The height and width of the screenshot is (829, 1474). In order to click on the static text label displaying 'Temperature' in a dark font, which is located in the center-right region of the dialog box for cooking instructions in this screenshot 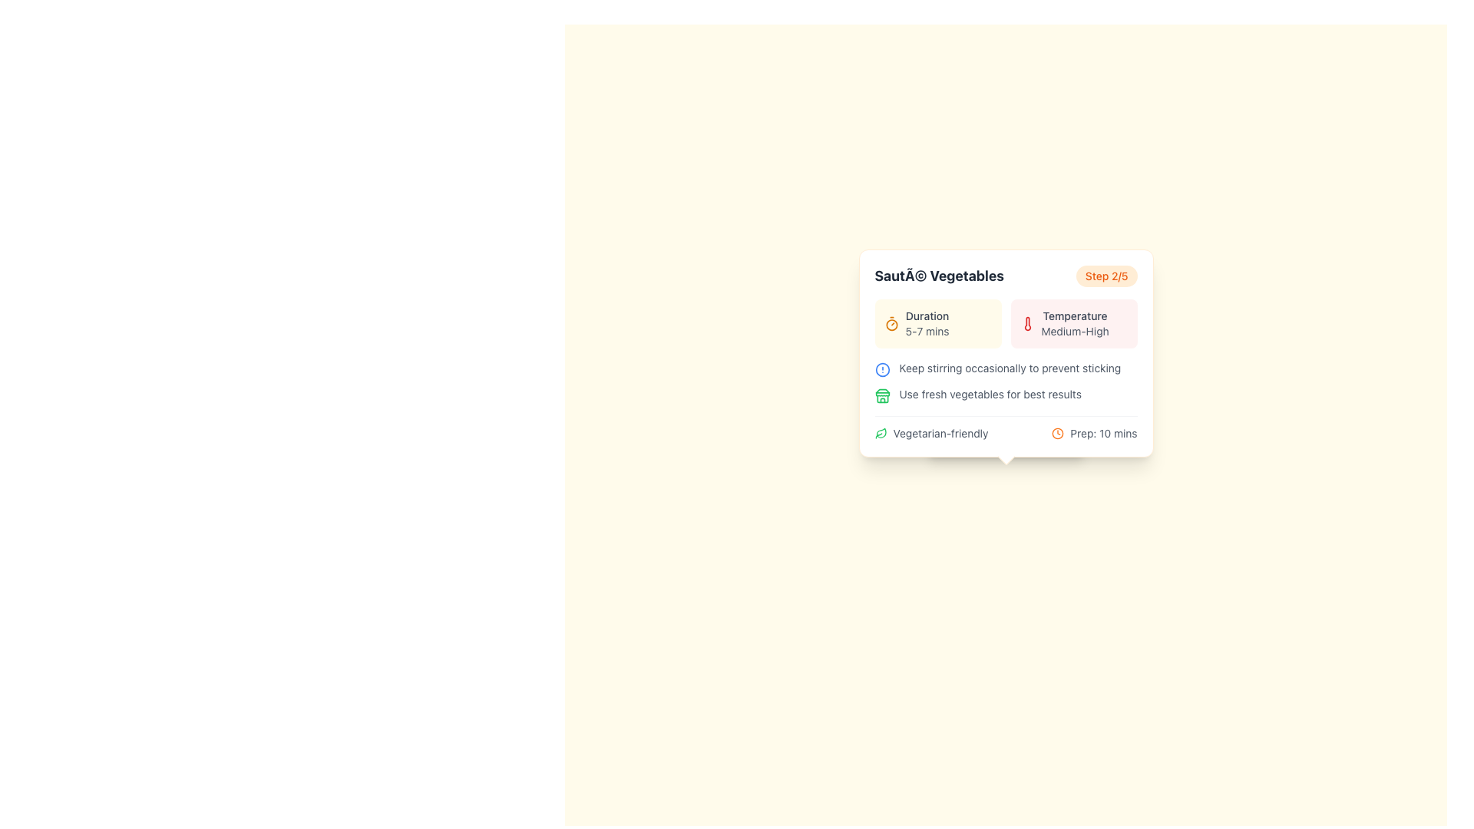, I will do `click(1074, 315)`.